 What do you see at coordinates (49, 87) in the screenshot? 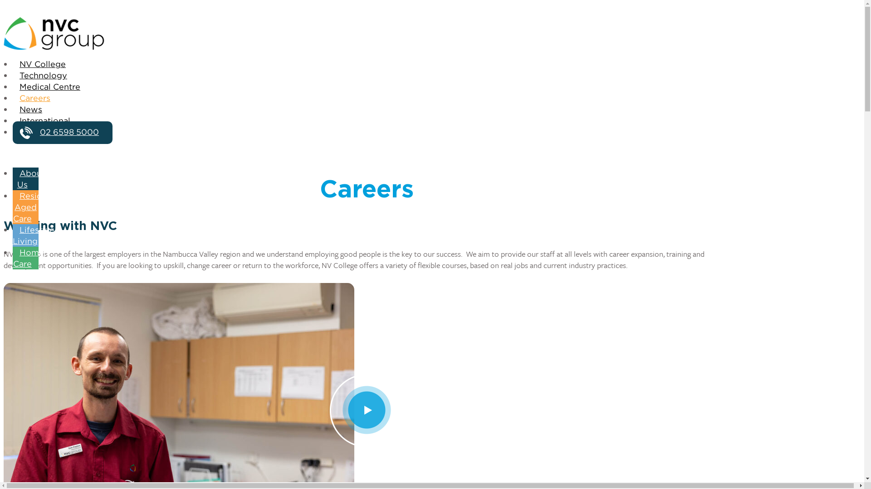
I see `'Medical Centre'` at bounding box center [49, 87].